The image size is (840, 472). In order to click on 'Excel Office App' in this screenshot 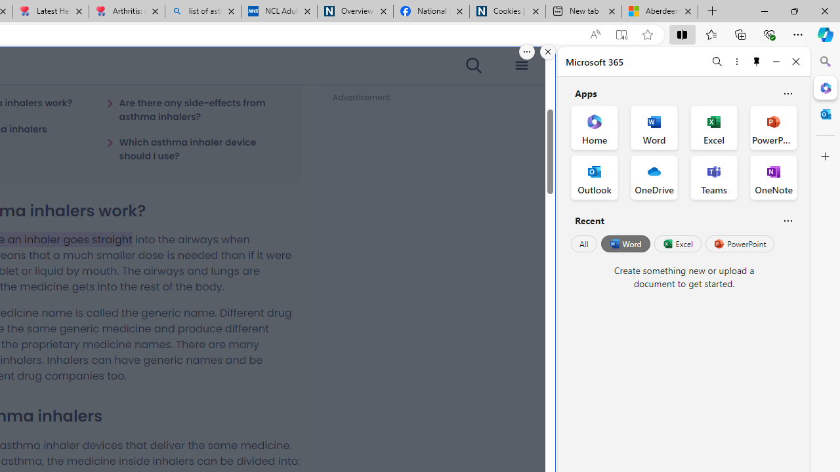, I will do `click(713, 128)`.